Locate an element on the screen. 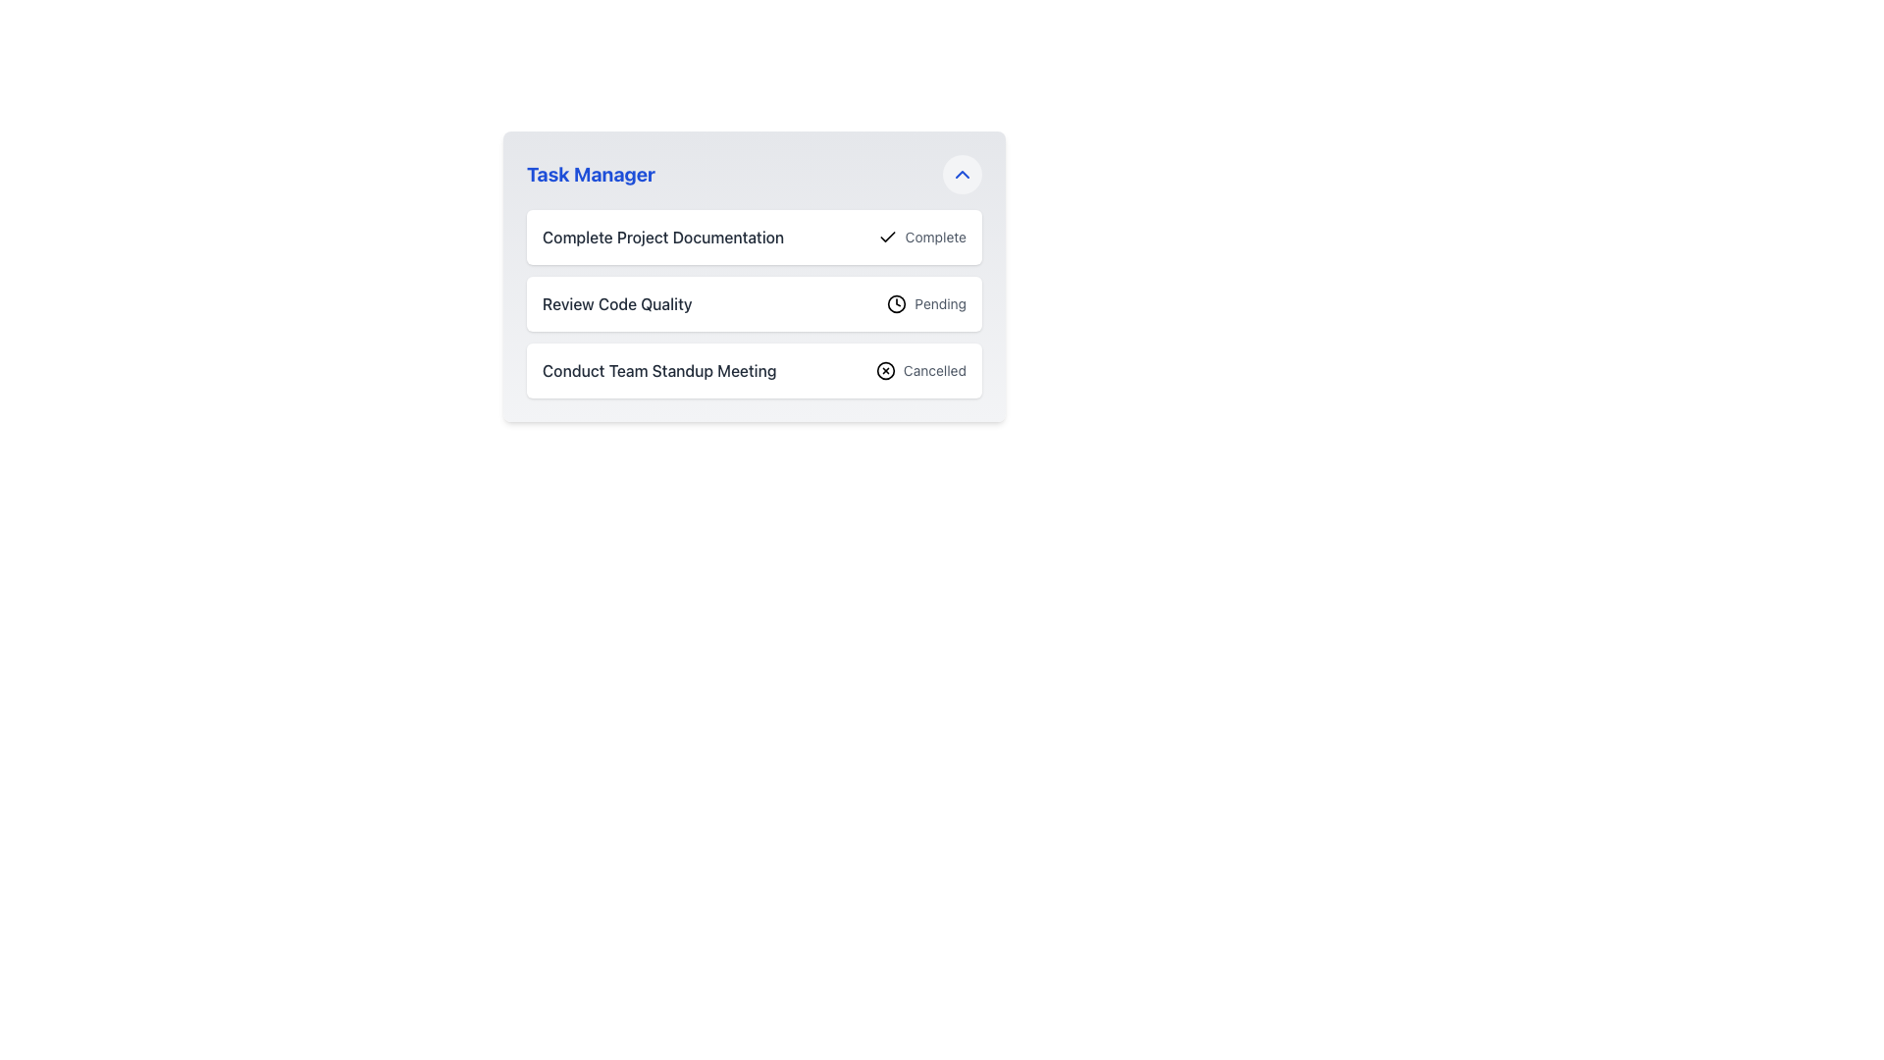 The height and width of the screenshot is (1060, 1884). the task list item titled 'Review Code Quality' is located at coordinates (753, 303).